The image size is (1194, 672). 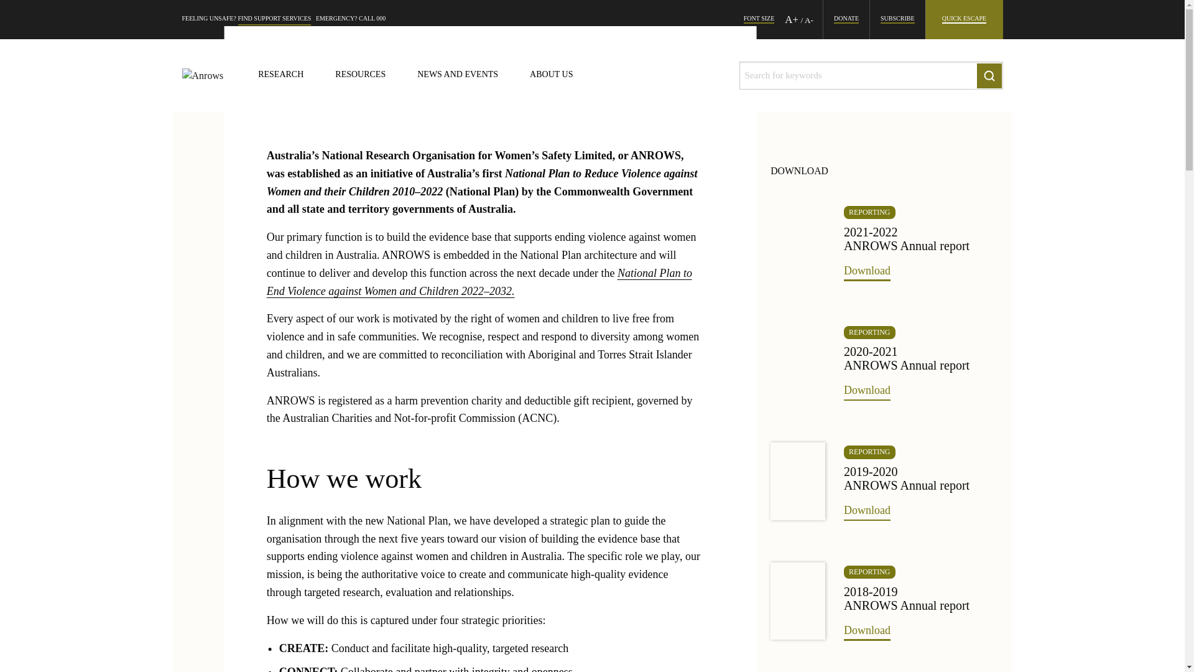 I want to click on 'A-', so click(x=805, y=20).